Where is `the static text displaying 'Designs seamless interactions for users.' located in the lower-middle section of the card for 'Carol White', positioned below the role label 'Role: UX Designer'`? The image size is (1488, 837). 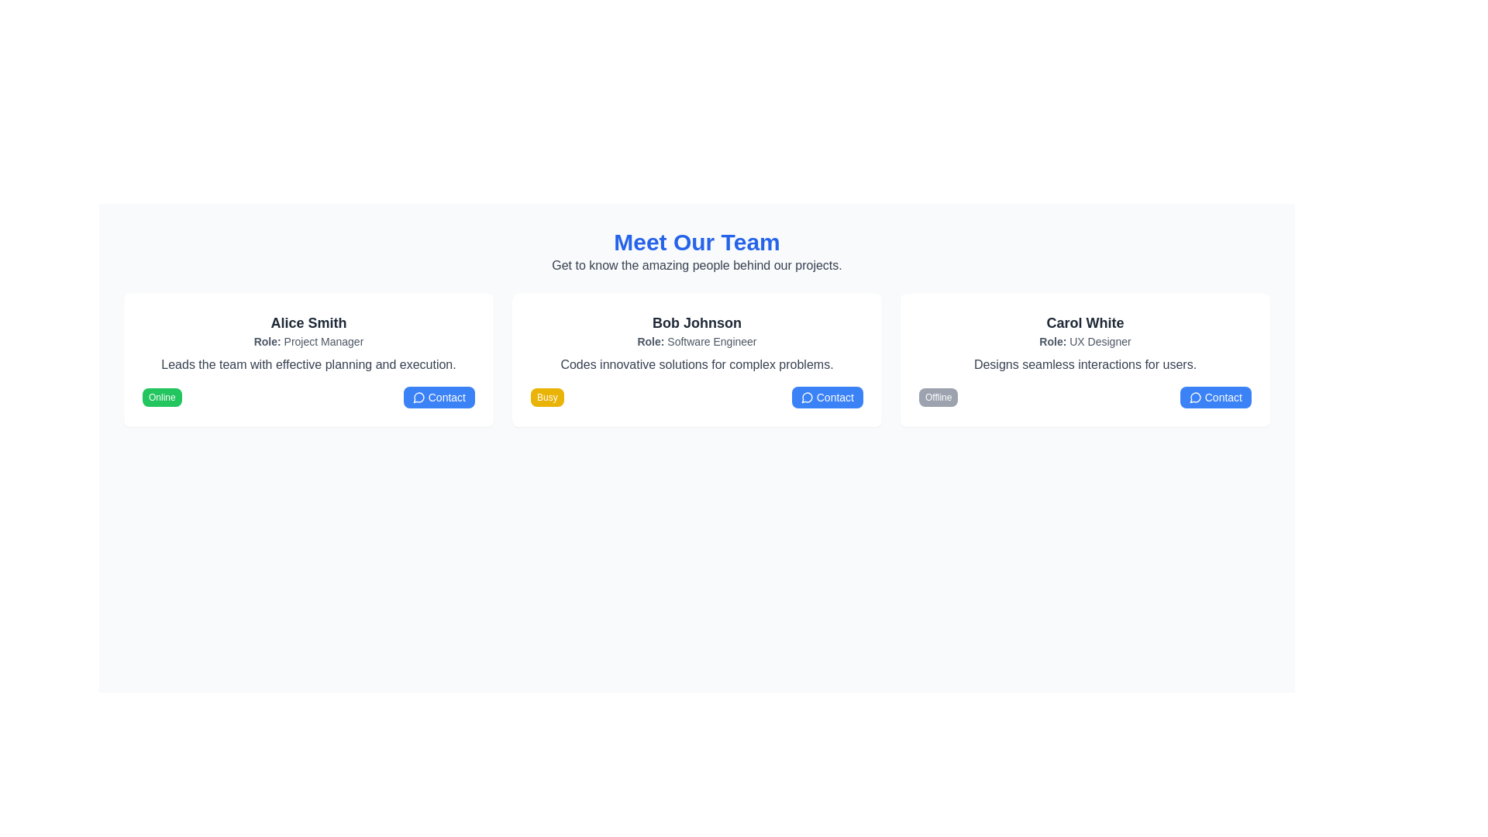 the static text displaying 'Designs seamless interactions for users.' located in the lower-middle section of the card for 'Carol White', positioned below the role label 'Role: UX Designer' is located at coordinates (1084, 364).